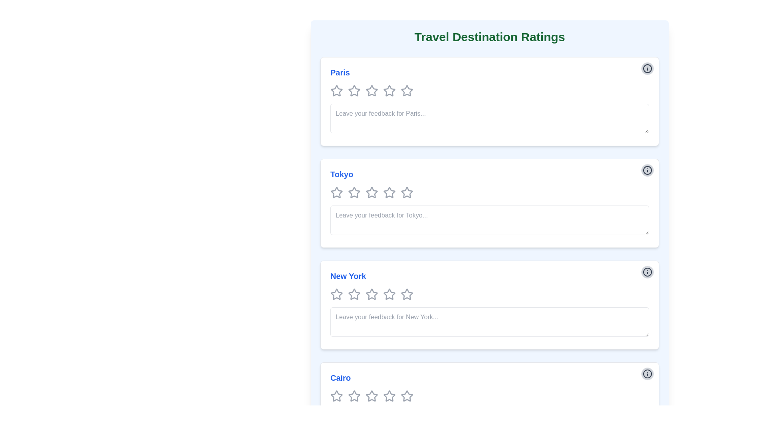 This screenshot has width=767, height=431. I want to click on the first star-shaped icon in the 'Cairo' feedback section to rate it, so click(354, 395).